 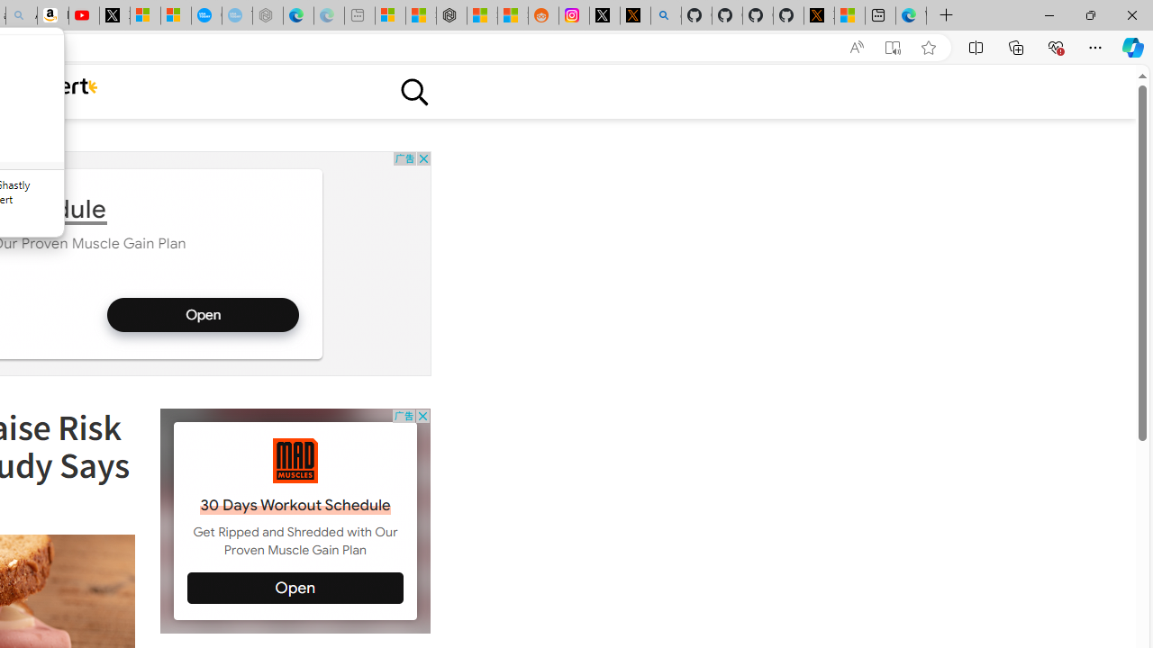 I want to click on 'Log in to X / X', so click(x=605, y=15).